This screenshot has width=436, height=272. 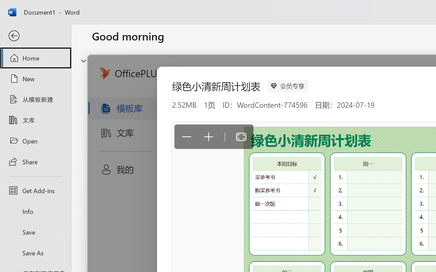 What do you see at coordinates (35, 190) in the screenshot?
I see `'Get Add-ins'` at bounding box center [35, 190].